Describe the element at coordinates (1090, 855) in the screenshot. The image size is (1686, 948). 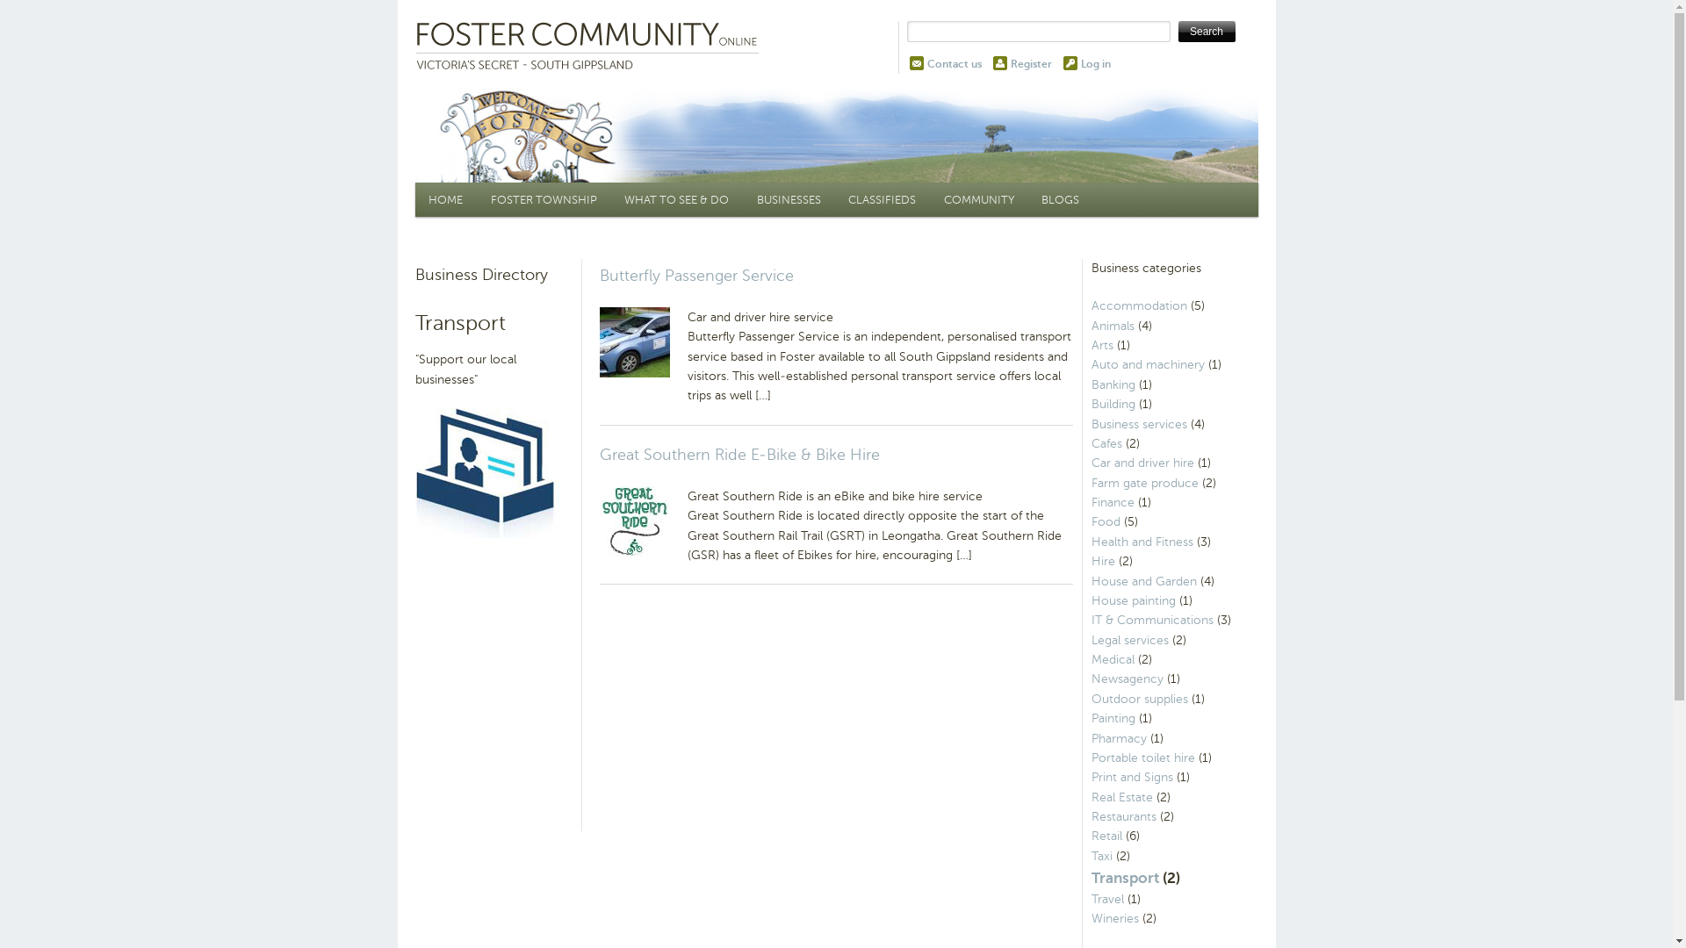
I see `'Taxi'` at that location.